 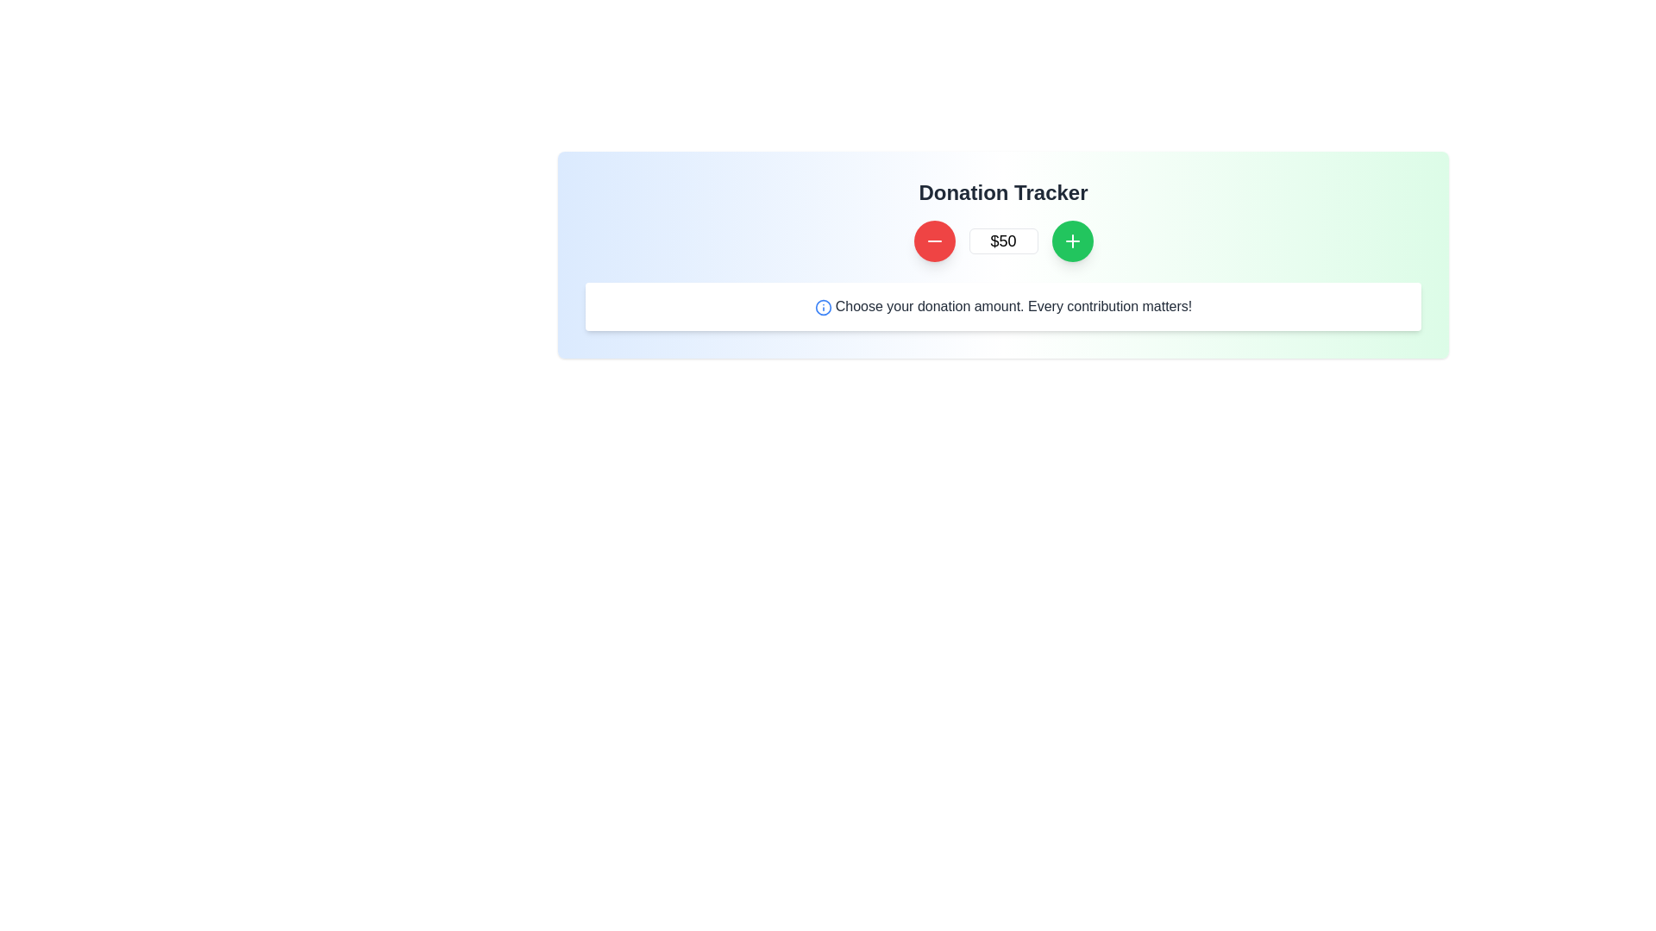 I want to click on the circular blue-bordered icon with an inner 'i' for detailed information, located to the left of the text 'Choose your donation amount. Every contribution matters!', so click(x=822, y=306).